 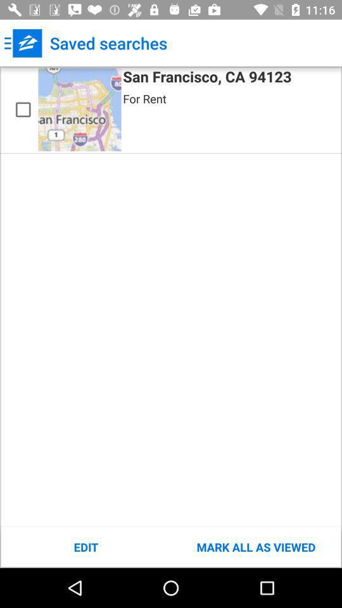 What do you see at coordinates (256, 547) in the screenshot?
I see `mark all as item` at bounding box center [256, 547].